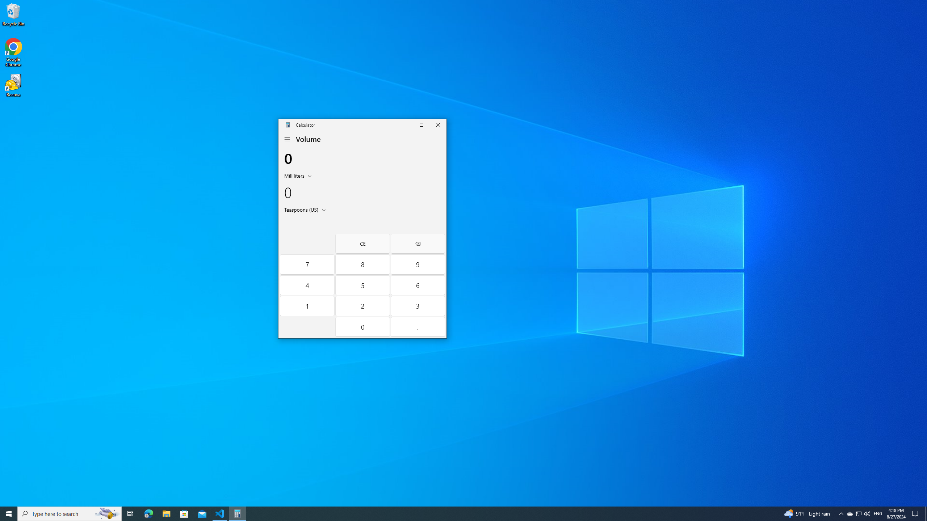 The width and height of the screenshot is (927, 521). I want to click on 'Minimize Calculator', so click(404, 124).